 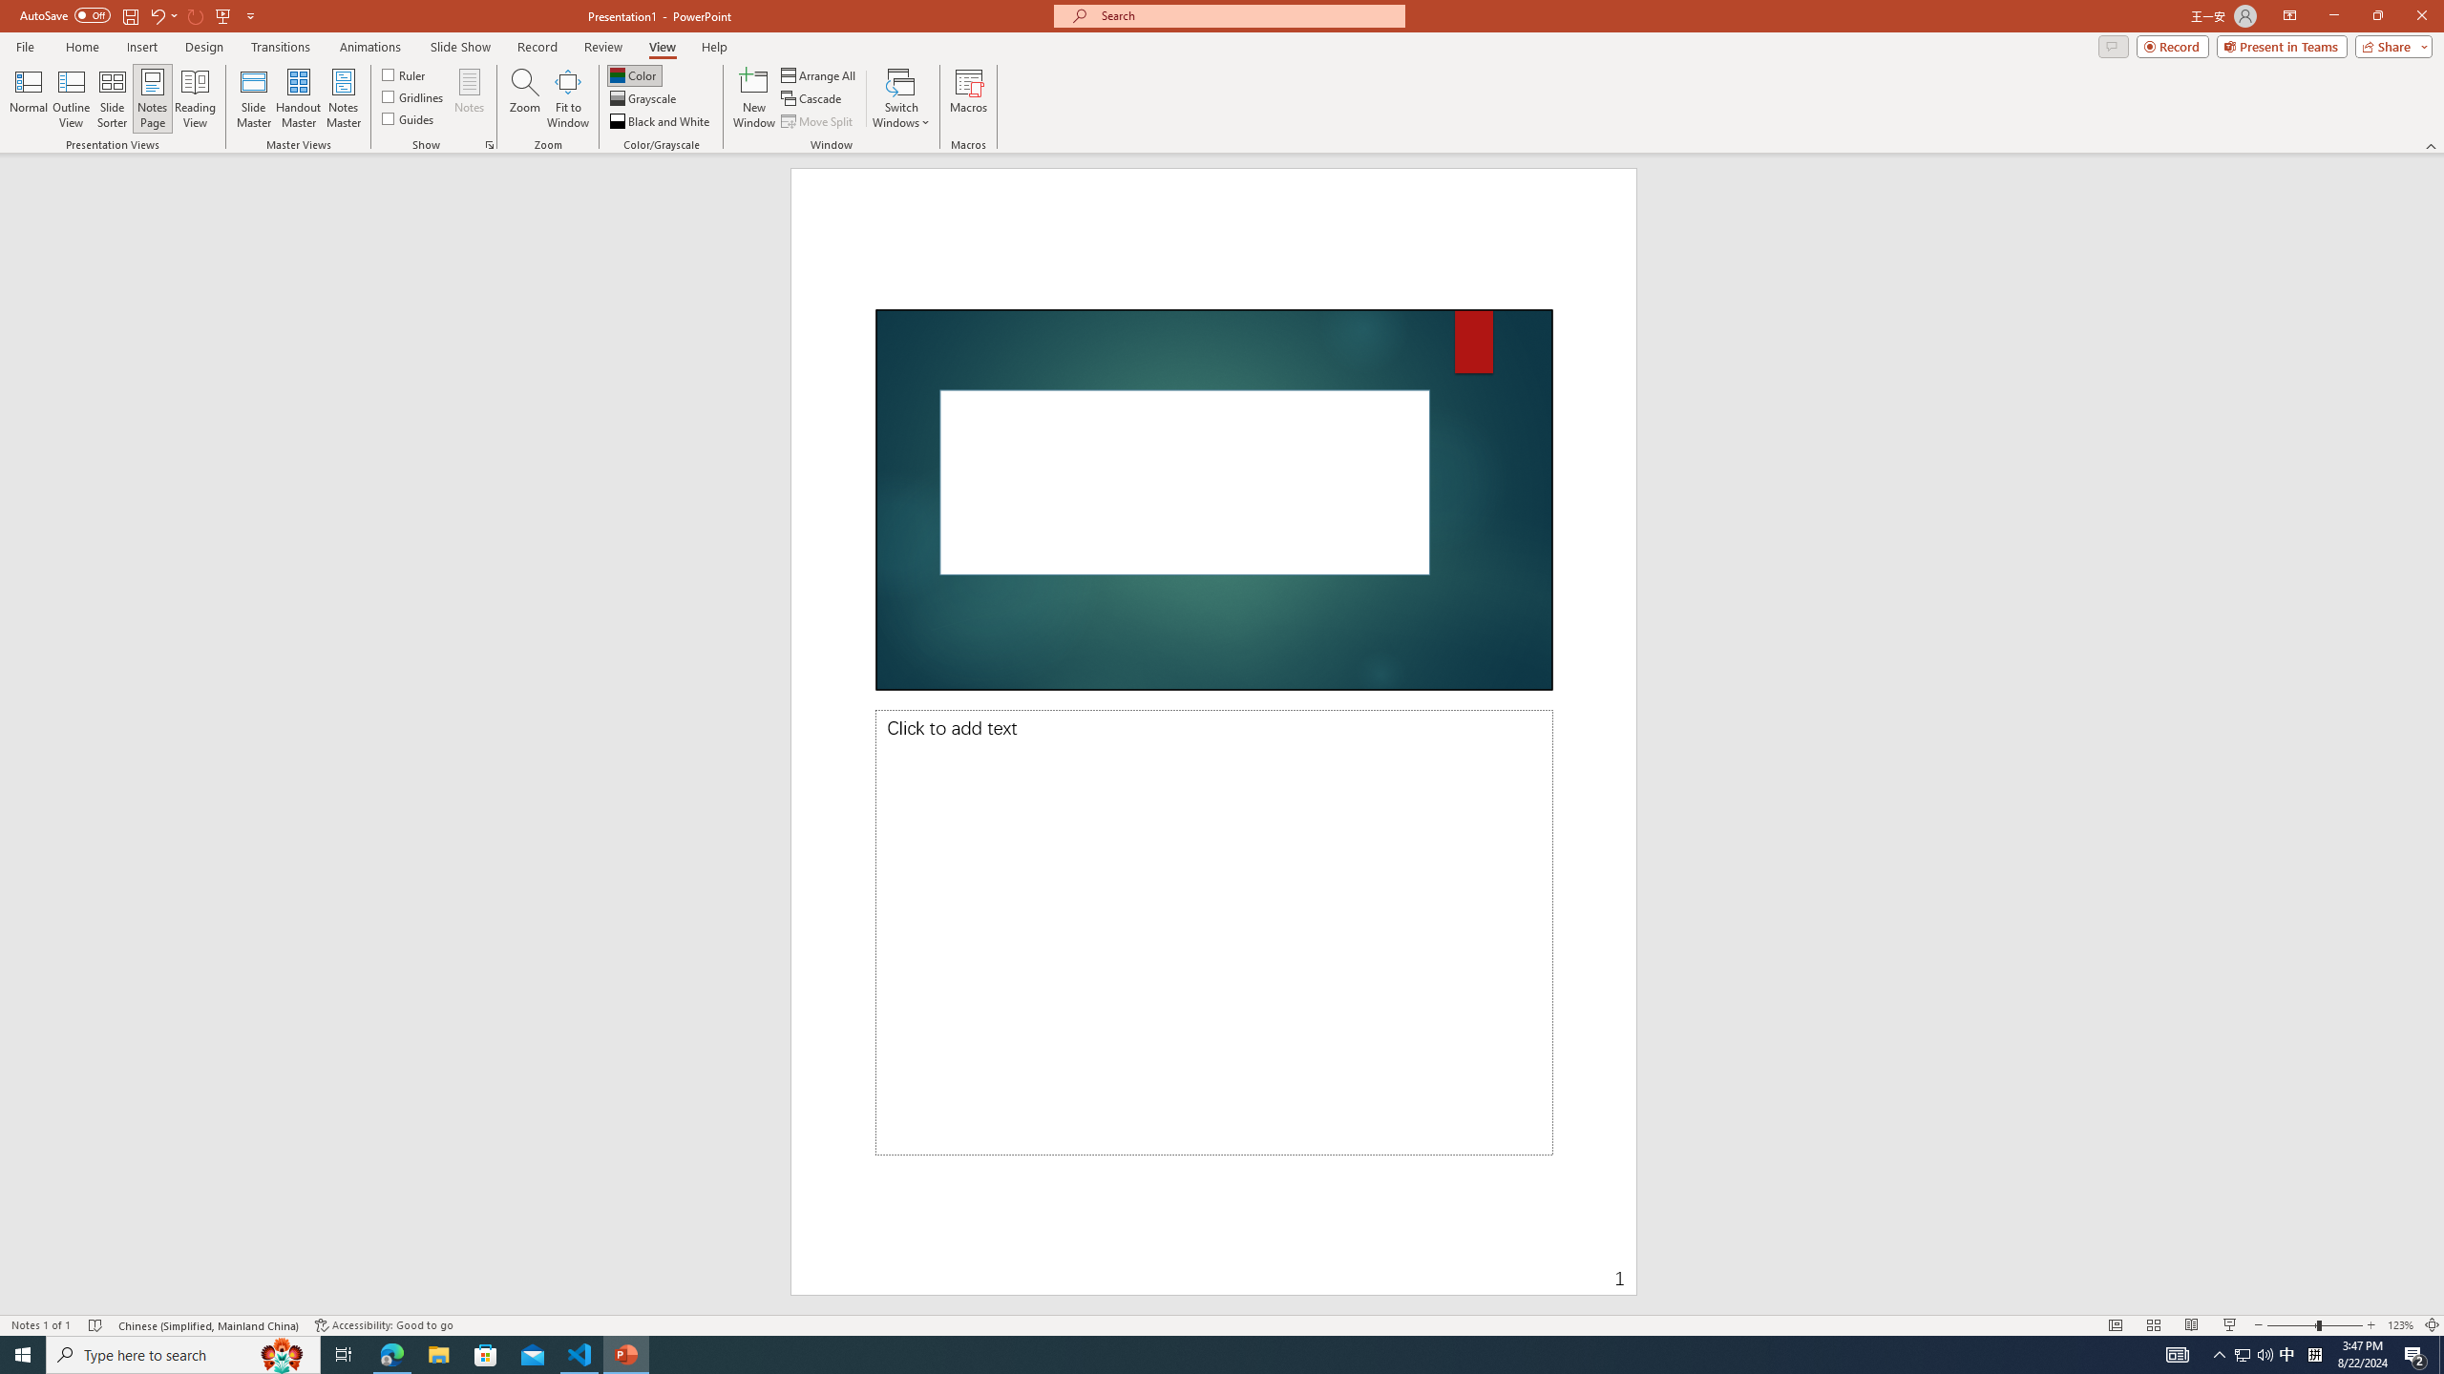 I want to click on 'Review', so click(x=602, y=47).